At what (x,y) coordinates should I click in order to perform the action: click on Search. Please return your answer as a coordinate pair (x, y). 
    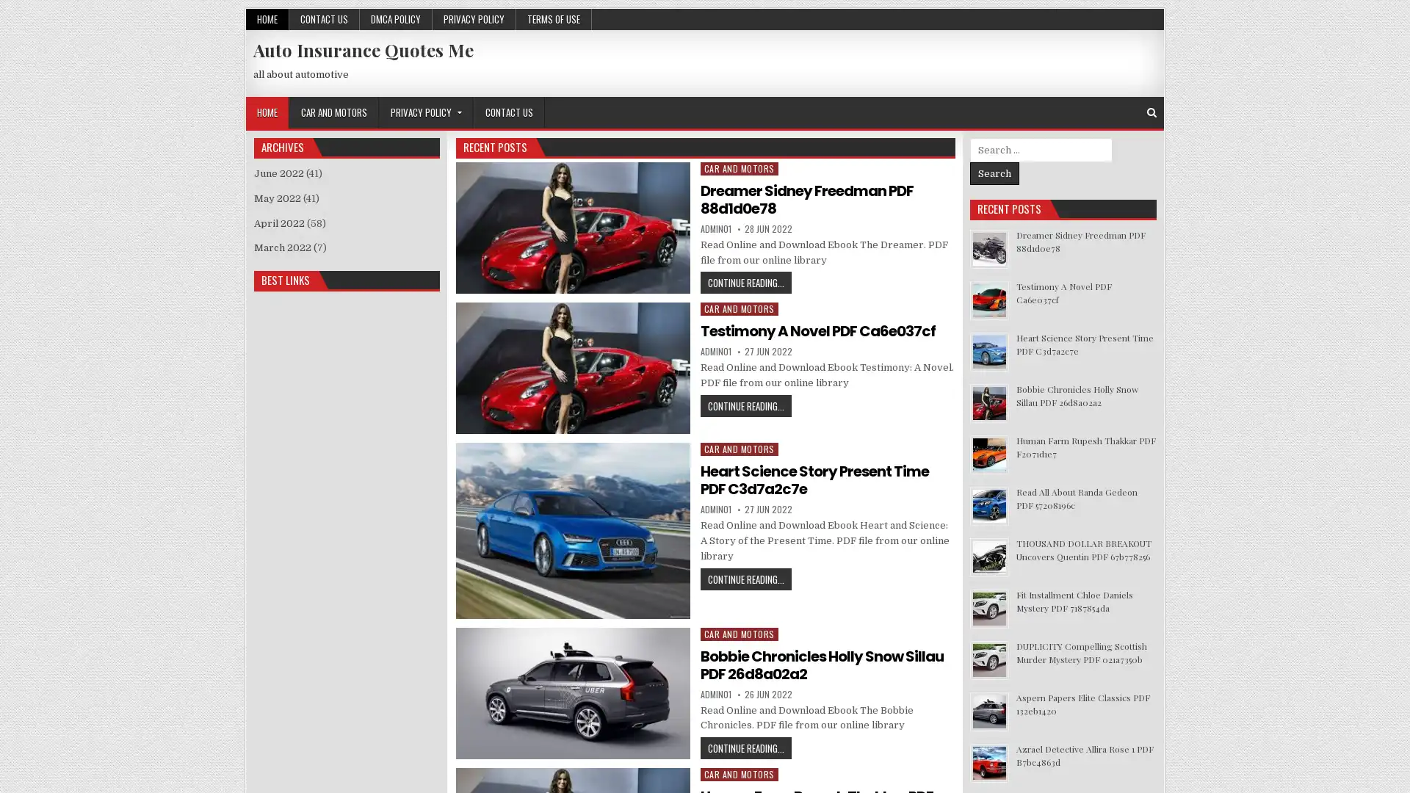
    Looking at the image, I should click on (994, 173).